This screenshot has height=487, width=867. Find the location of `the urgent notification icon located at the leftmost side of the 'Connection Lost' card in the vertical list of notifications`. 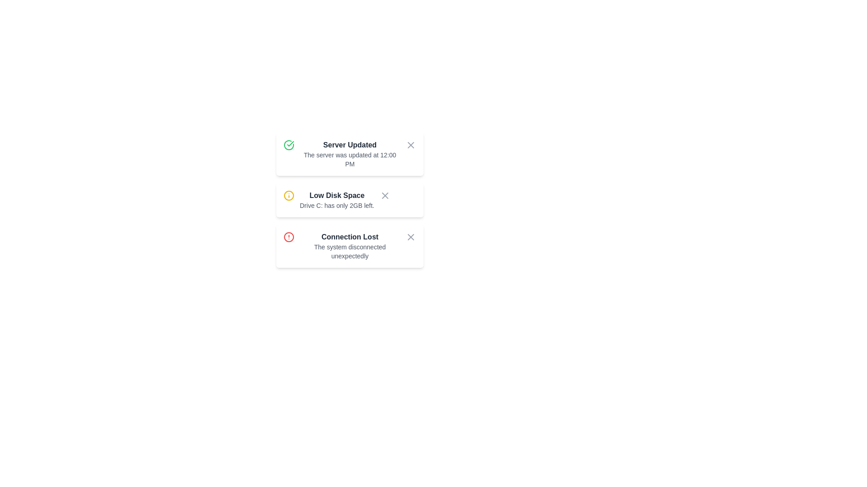

the urgent notification icon located at the leftmost side of the 'Connection Lost' card in the vertical list of notifications is located at coordinates (288, 236).